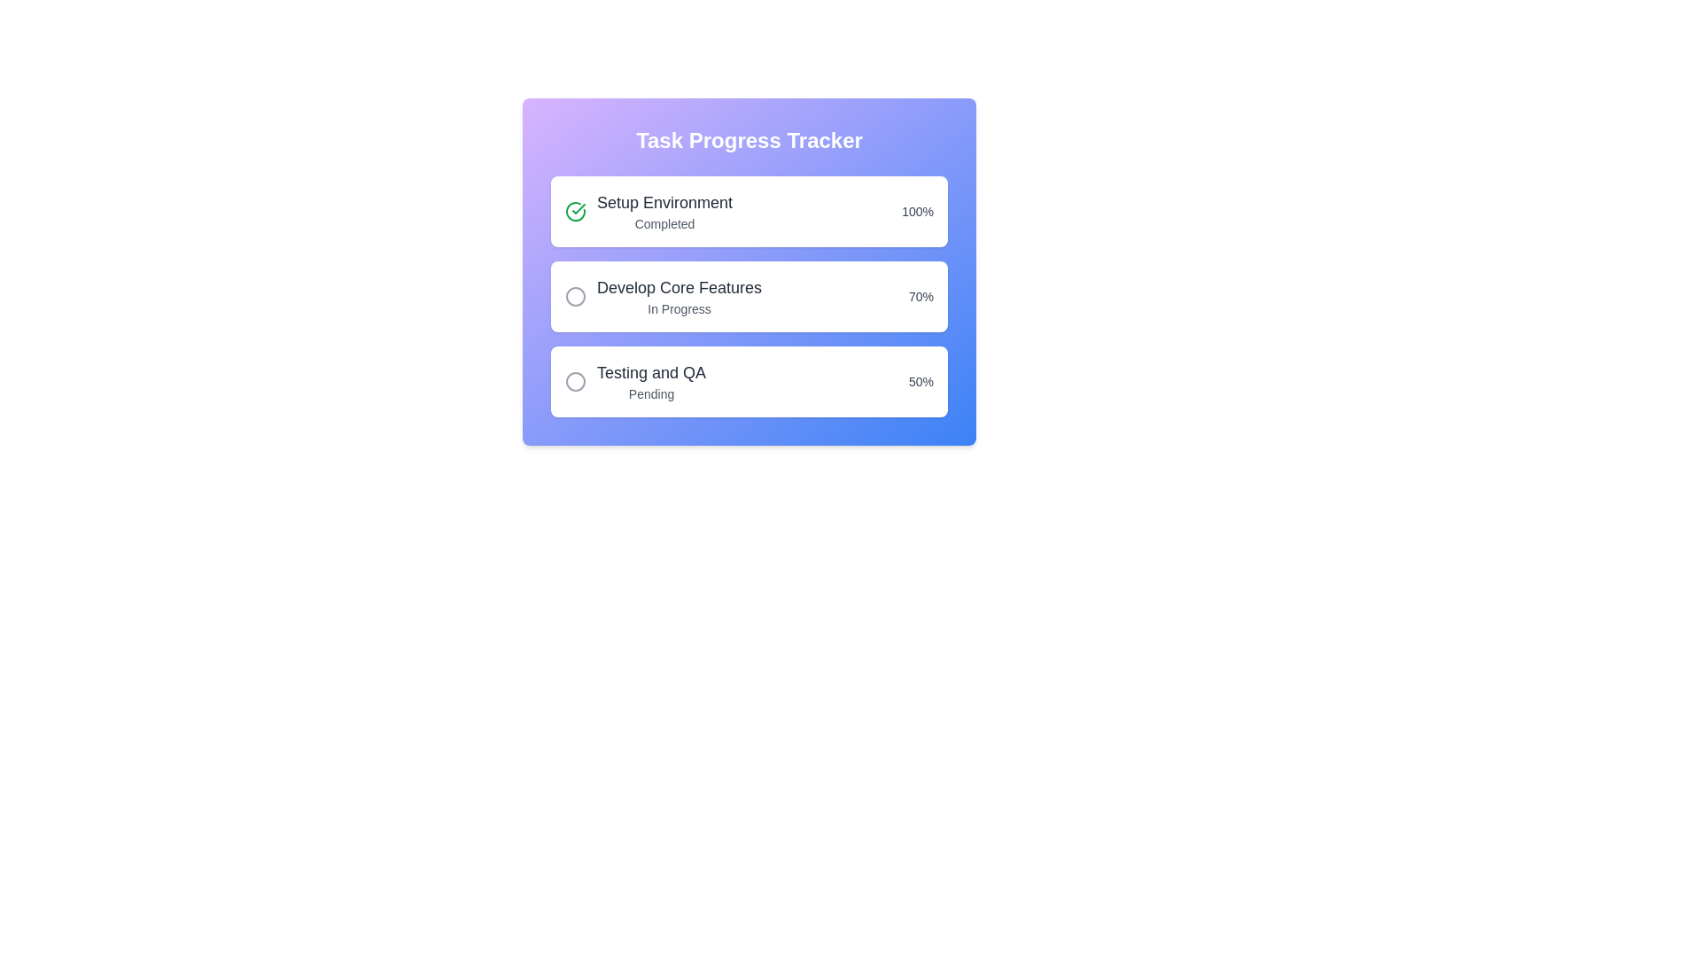  Describe the element at coordinates (575, 211) in the screenshot. I see `the circular Status Indicator icon with a check mark inside, which has a green border and white background` at that location.